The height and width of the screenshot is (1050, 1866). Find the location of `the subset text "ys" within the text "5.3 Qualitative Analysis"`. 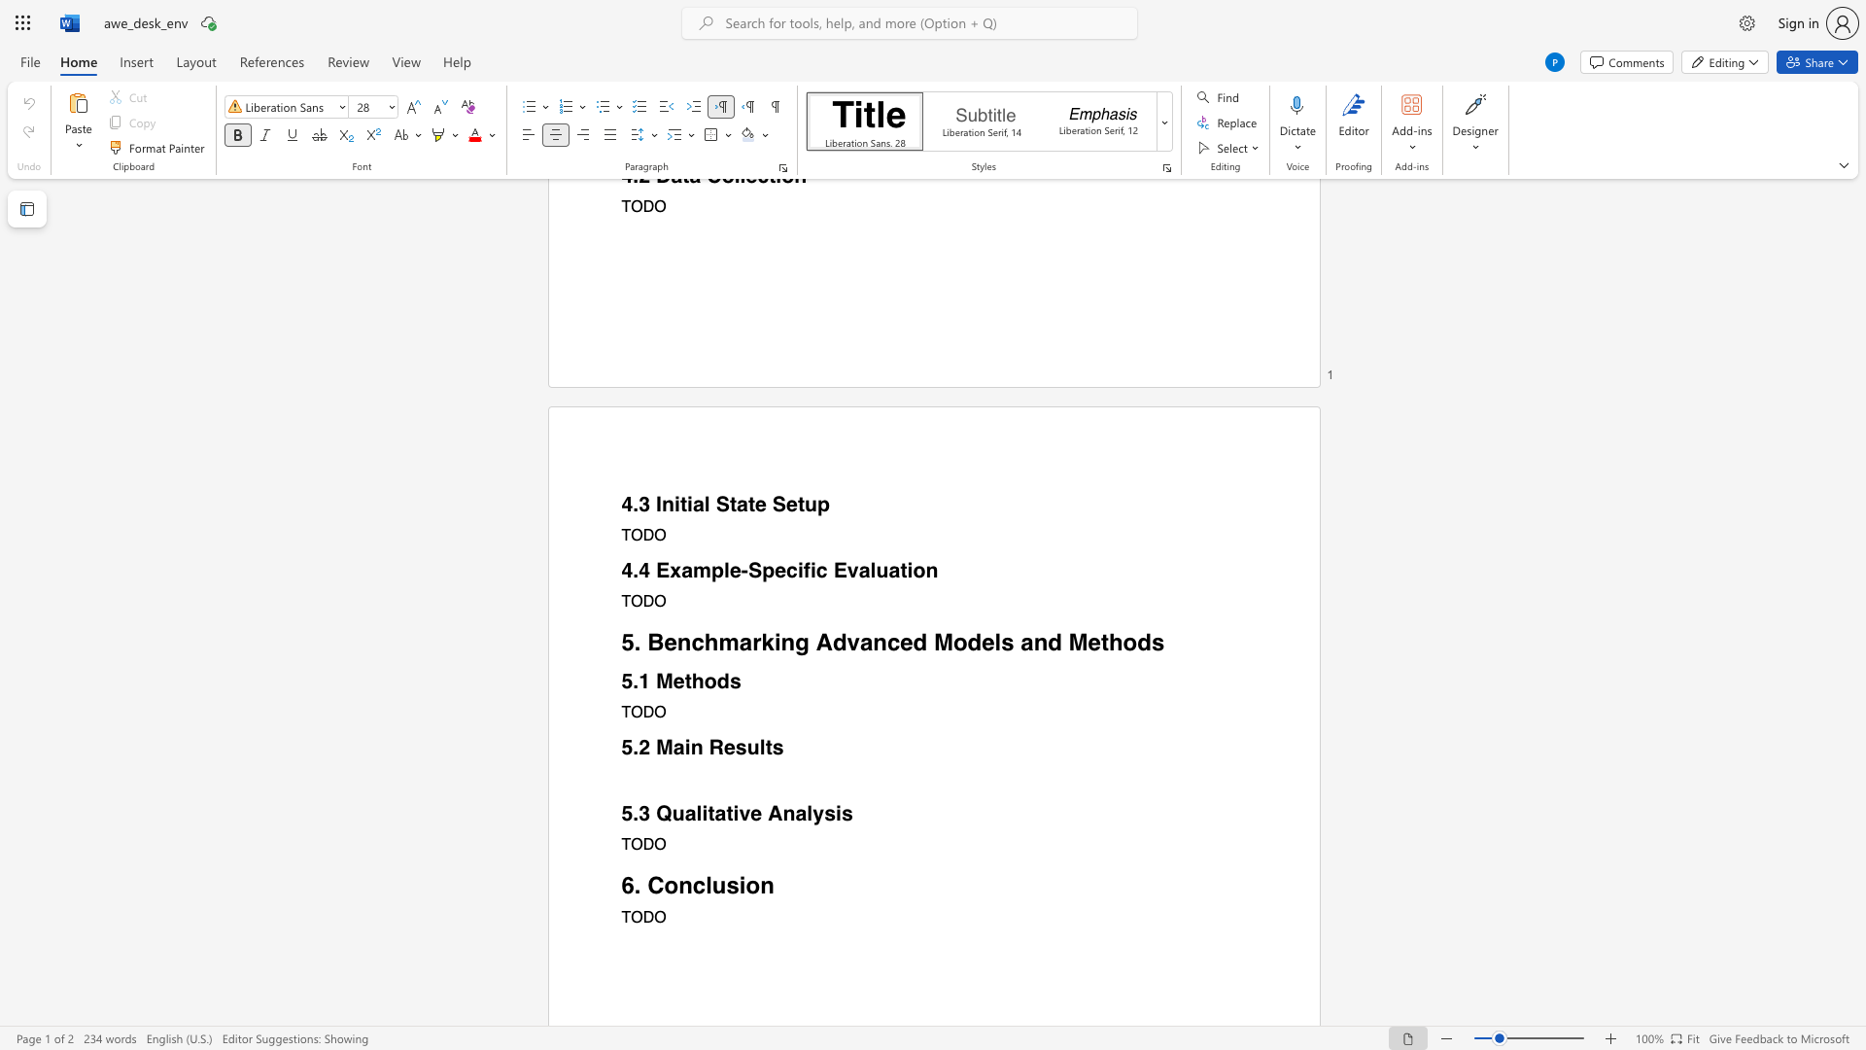

the subset text "ys" within the text "5.3 Qualitative Analysis" is located at coordinates (812, 814).